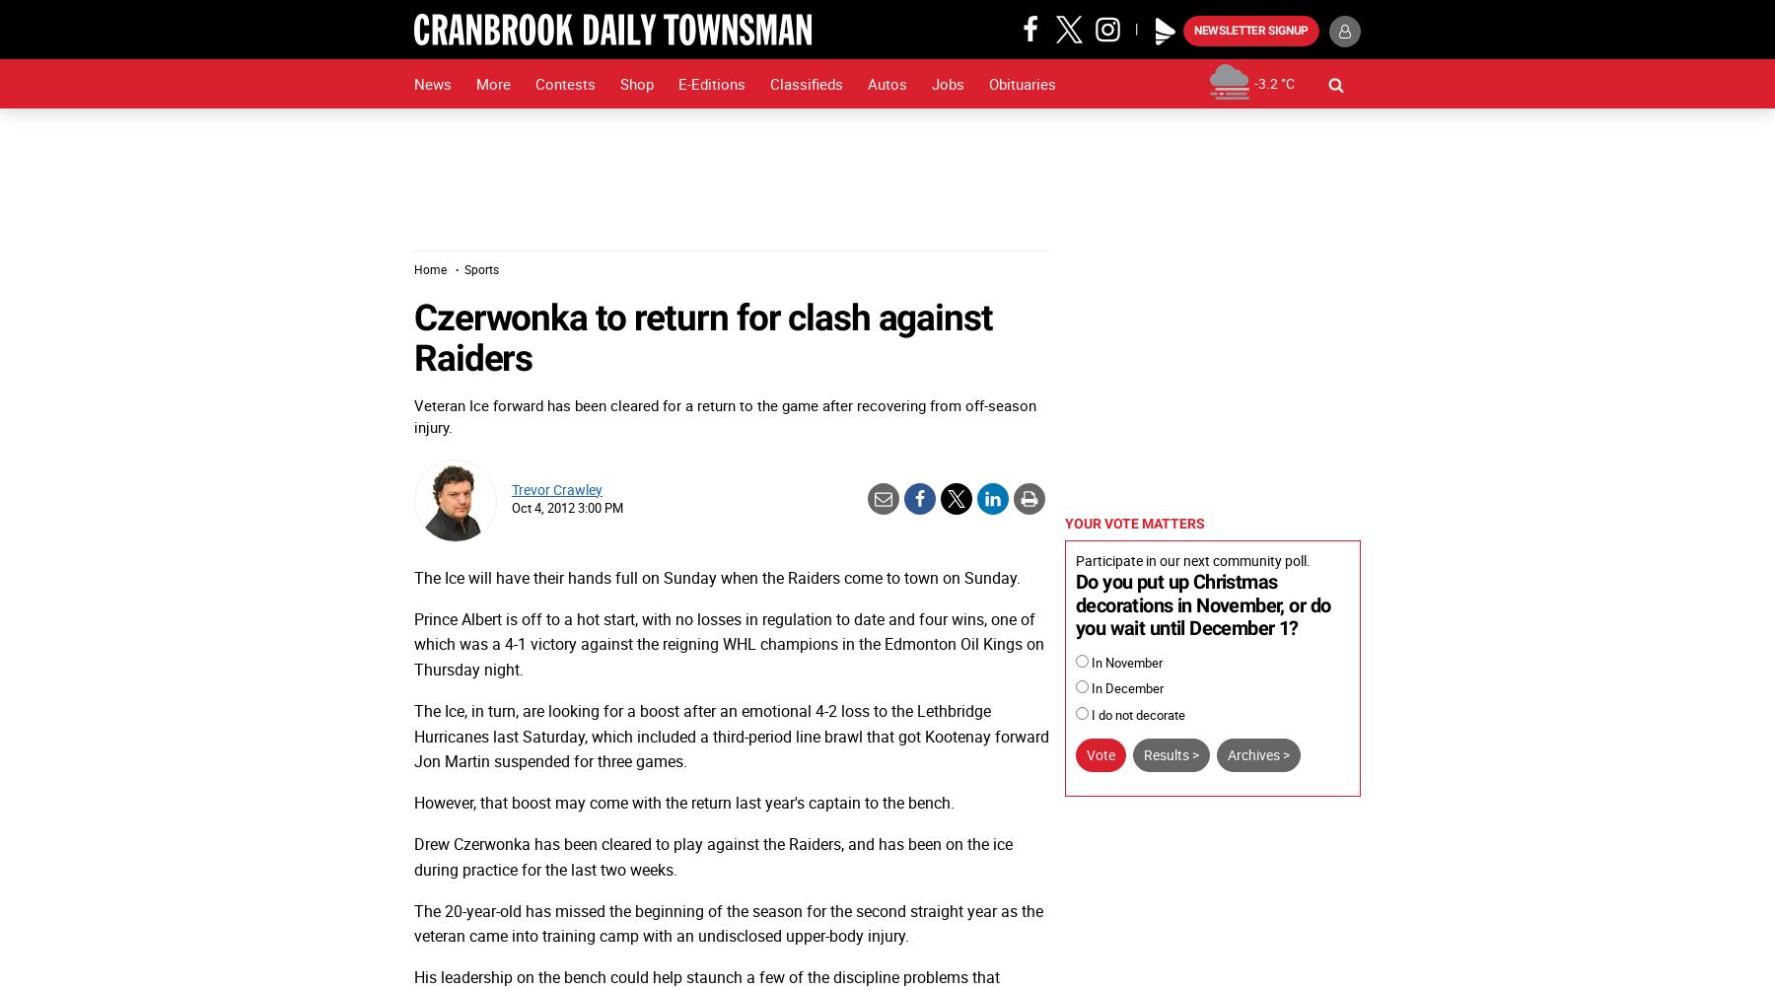 Image resolution: width=1775 pixels, height=991 pixels. Describe the element at coordinates (806, 84) in the screenshot. I see `'Classifieds'` at that location.